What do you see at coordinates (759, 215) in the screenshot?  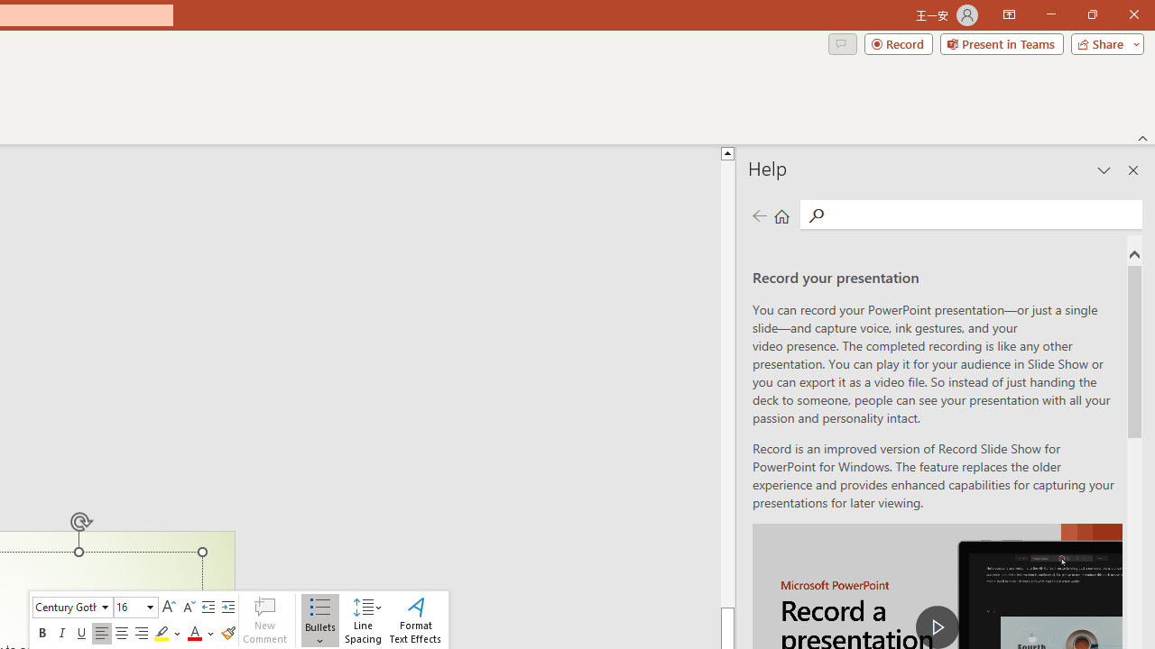 I see `'Previous page'` at bounding box center [759, 215].